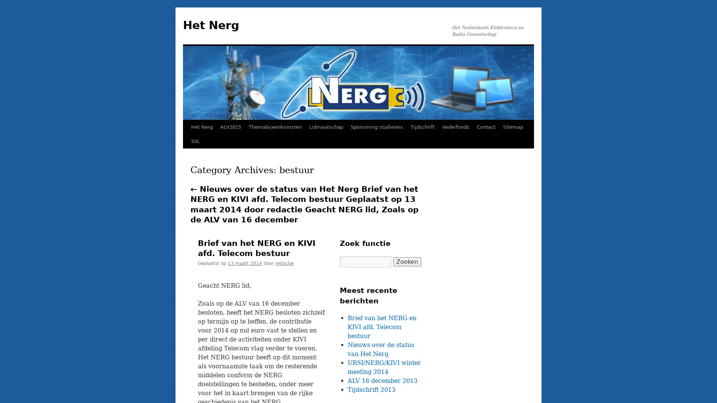 The width and height of the screenshot is (717, 403). What do you see at coordinates (407, 261) in the screenshot?
I see `Zoeken` at bounding box center [407, 261].